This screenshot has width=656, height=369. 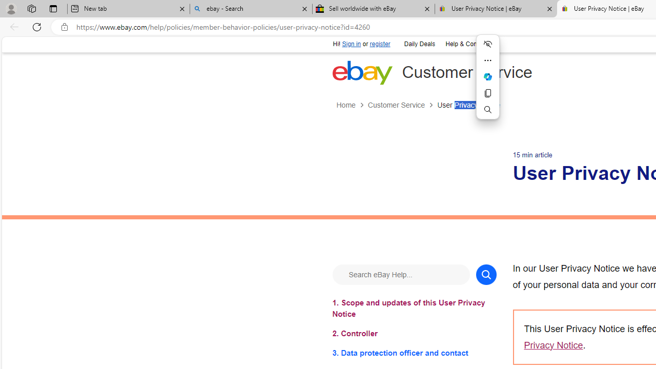 What do you see at coordinates (487, 44) in the screenshot?
I see `'Hide menu'` at bounding box center [487, 44].